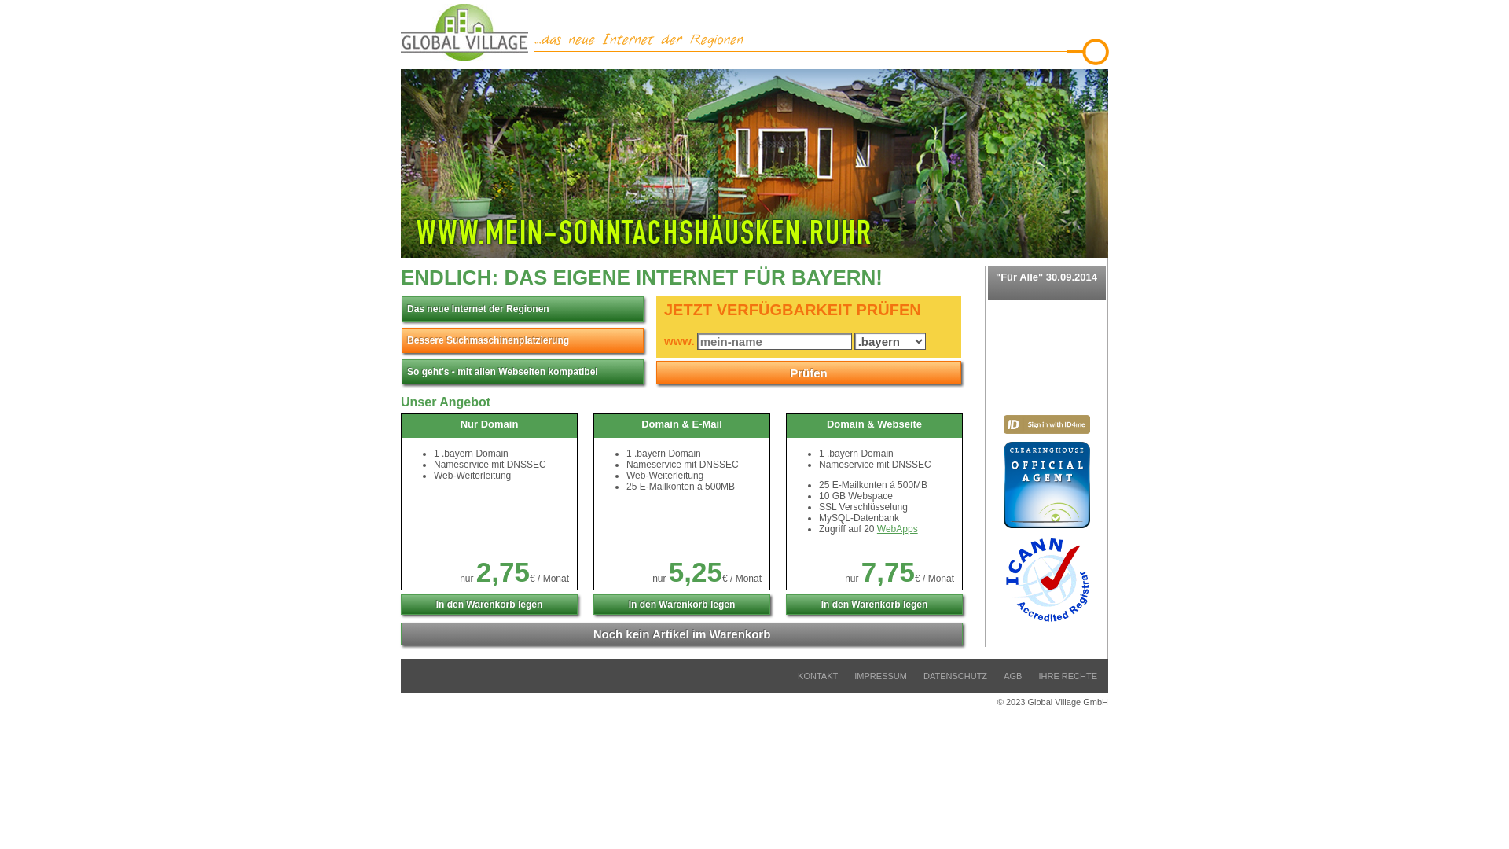 This screenshot has height=849, width=1509. I want to click on 'In den Warenkorb legen', so click(400, 603).